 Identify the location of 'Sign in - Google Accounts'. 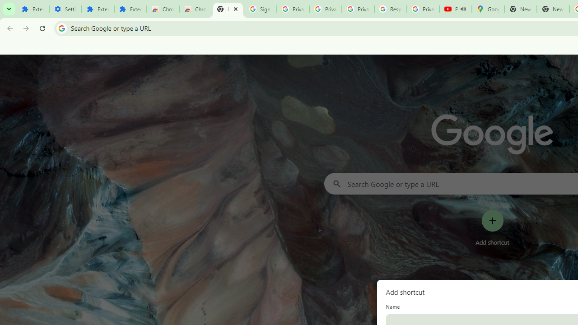
(260, 9).